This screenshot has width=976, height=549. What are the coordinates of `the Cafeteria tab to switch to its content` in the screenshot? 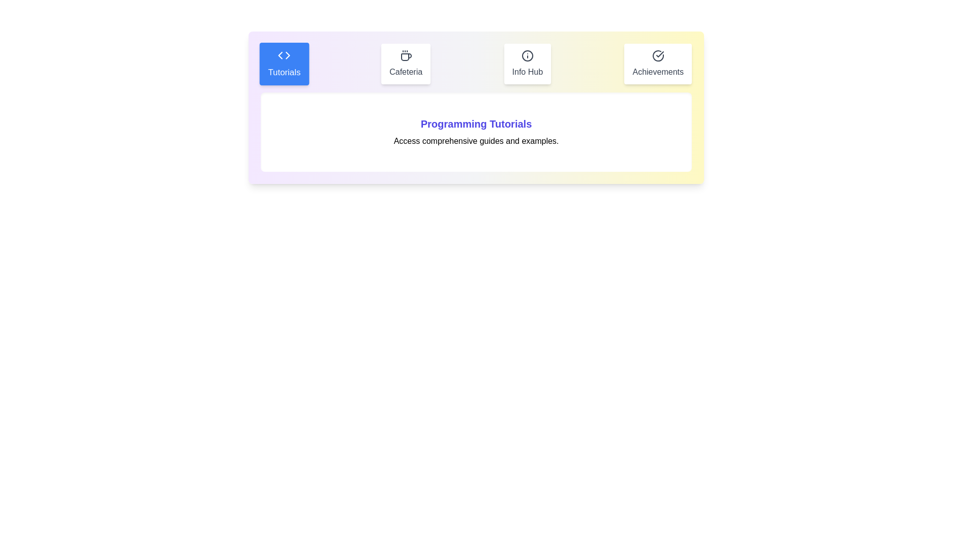 It's located at (405, 64).